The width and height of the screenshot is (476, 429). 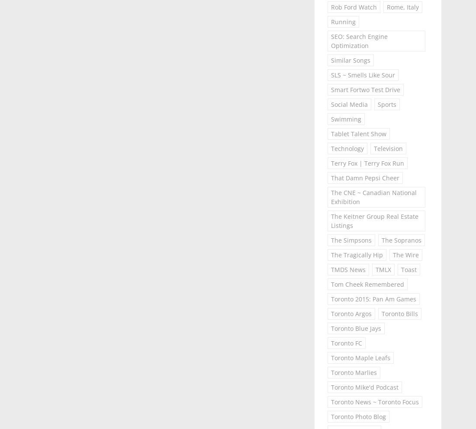 What do you see at coordinates (364, 178) in the screenshot?
I see `'That Damn Pepsi Cheer'` at bounding box center [364, 178].